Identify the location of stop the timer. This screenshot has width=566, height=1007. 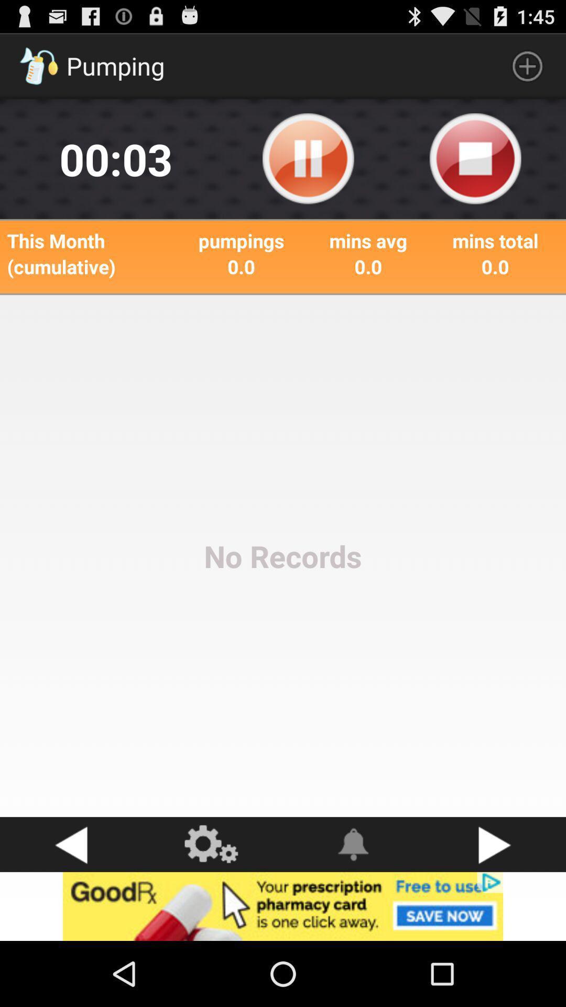
(475, 158).